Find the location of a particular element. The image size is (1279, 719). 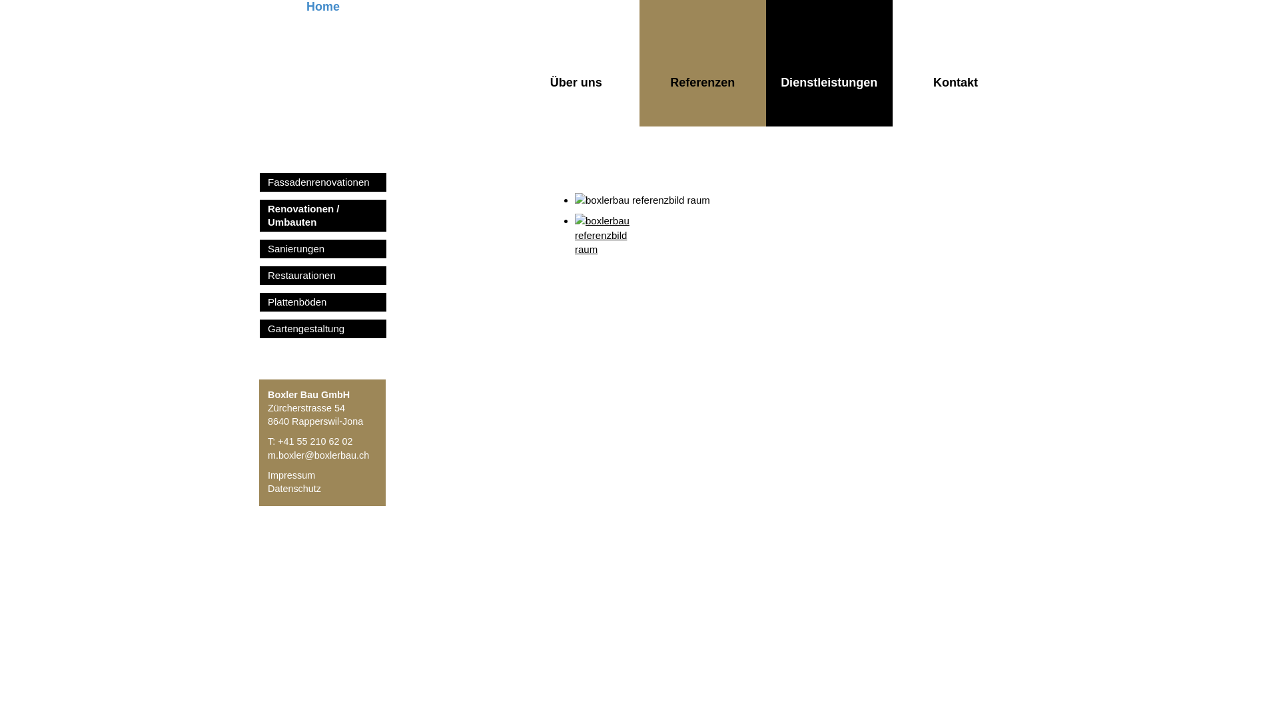

'Sanierungen' is located at coordinates (322, 249).